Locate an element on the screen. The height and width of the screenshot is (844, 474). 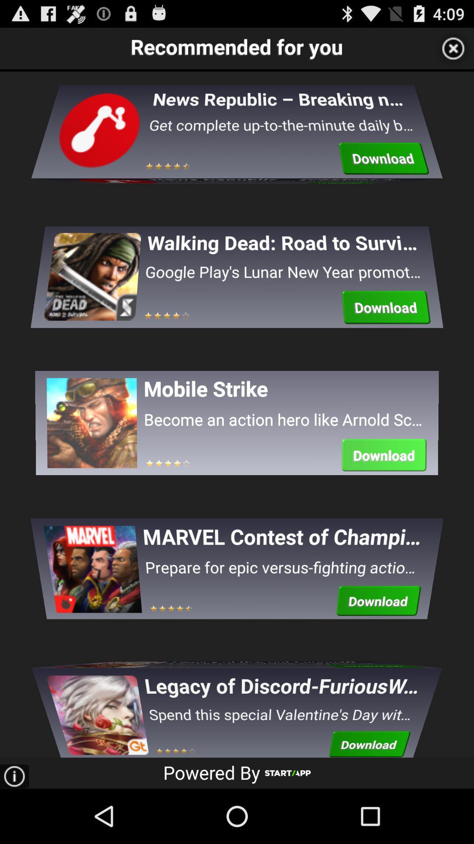
the close icon is located at coordinates (453, 51).